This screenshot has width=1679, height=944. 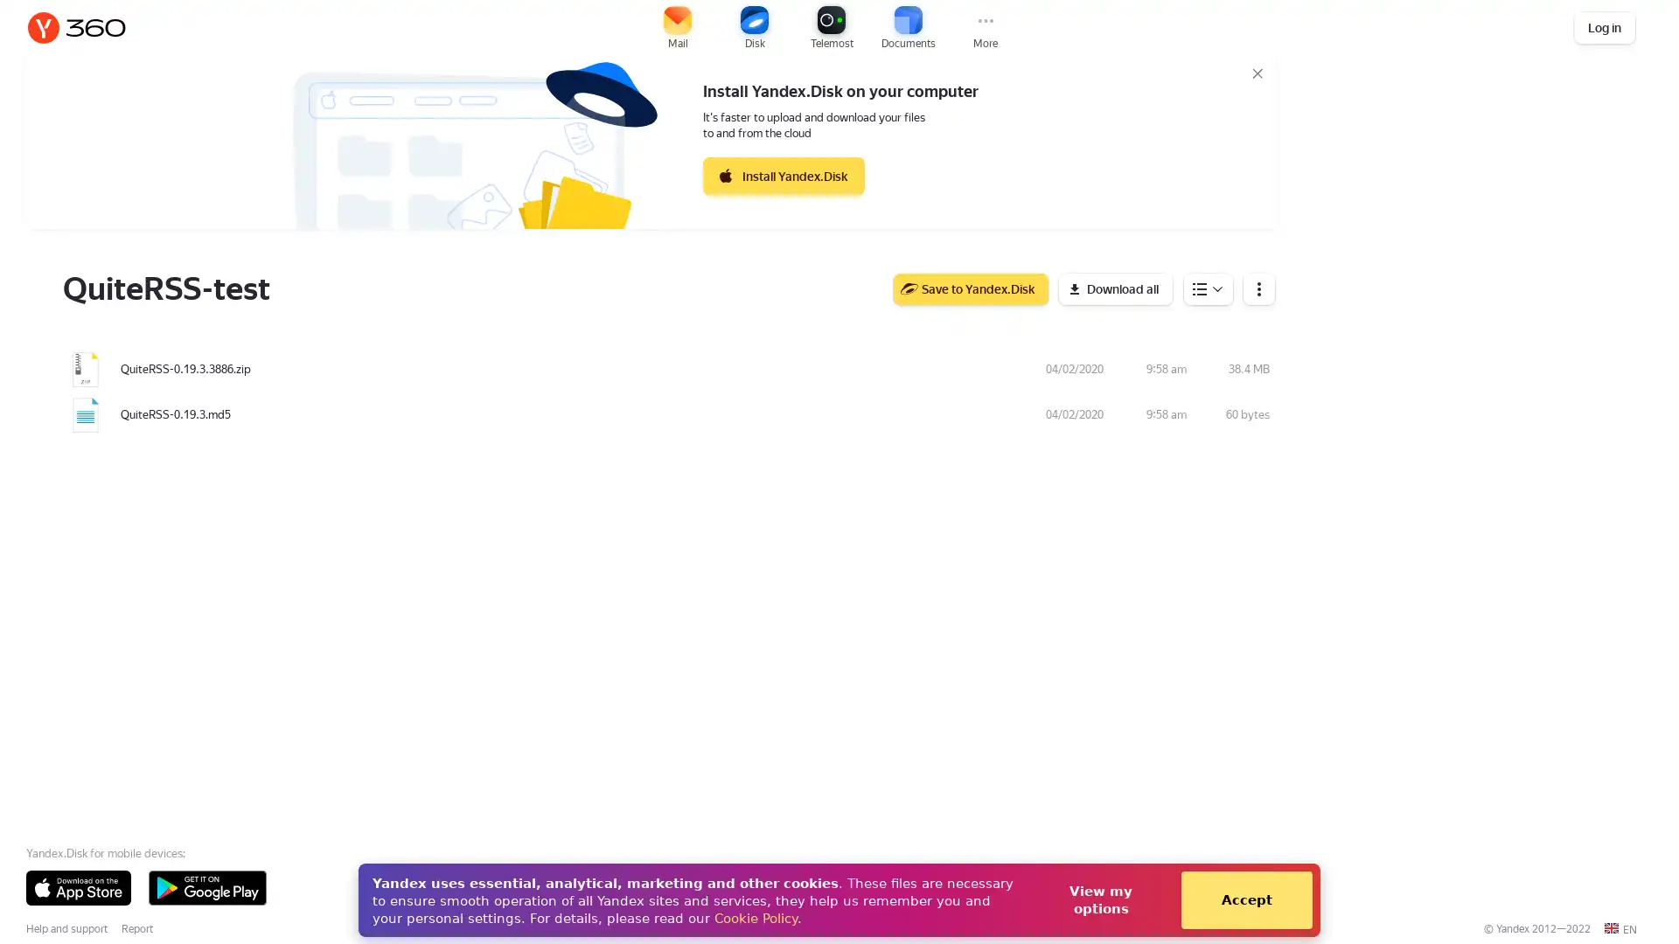 I want to click on Accept, so click(x=1245, y=899).